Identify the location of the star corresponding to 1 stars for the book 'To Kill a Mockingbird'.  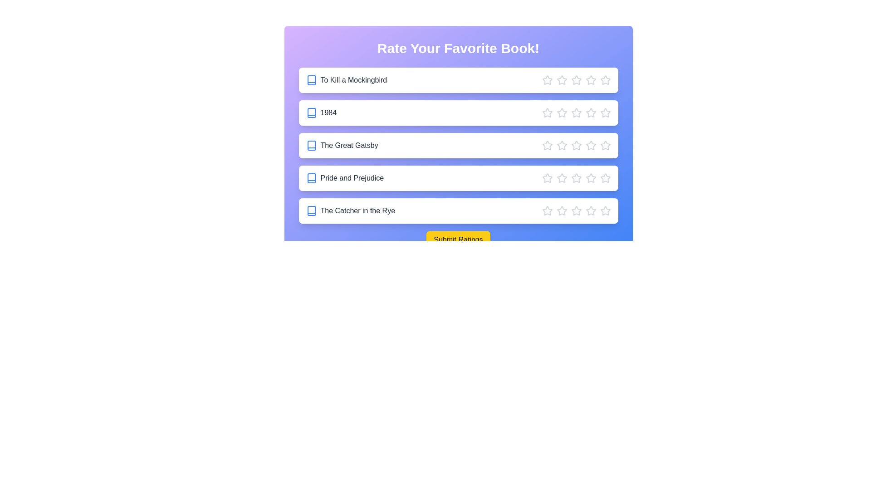
(547, 80).